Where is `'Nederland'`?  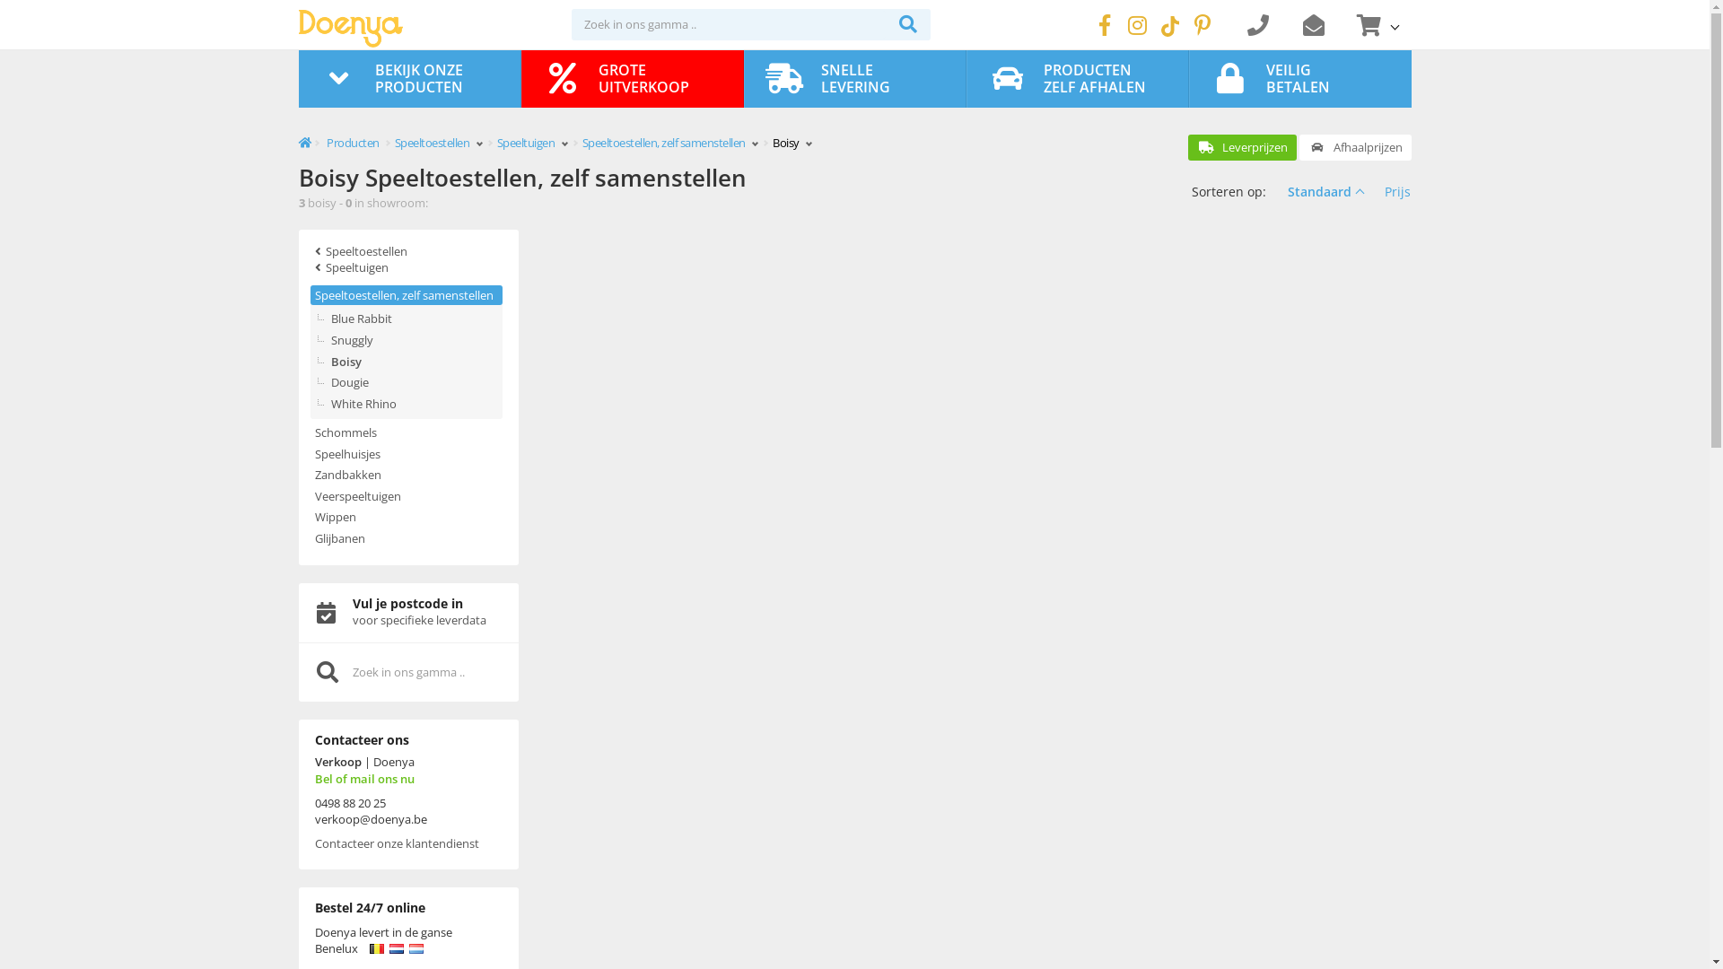
'Nederland' is located at coordinates (395, 947).